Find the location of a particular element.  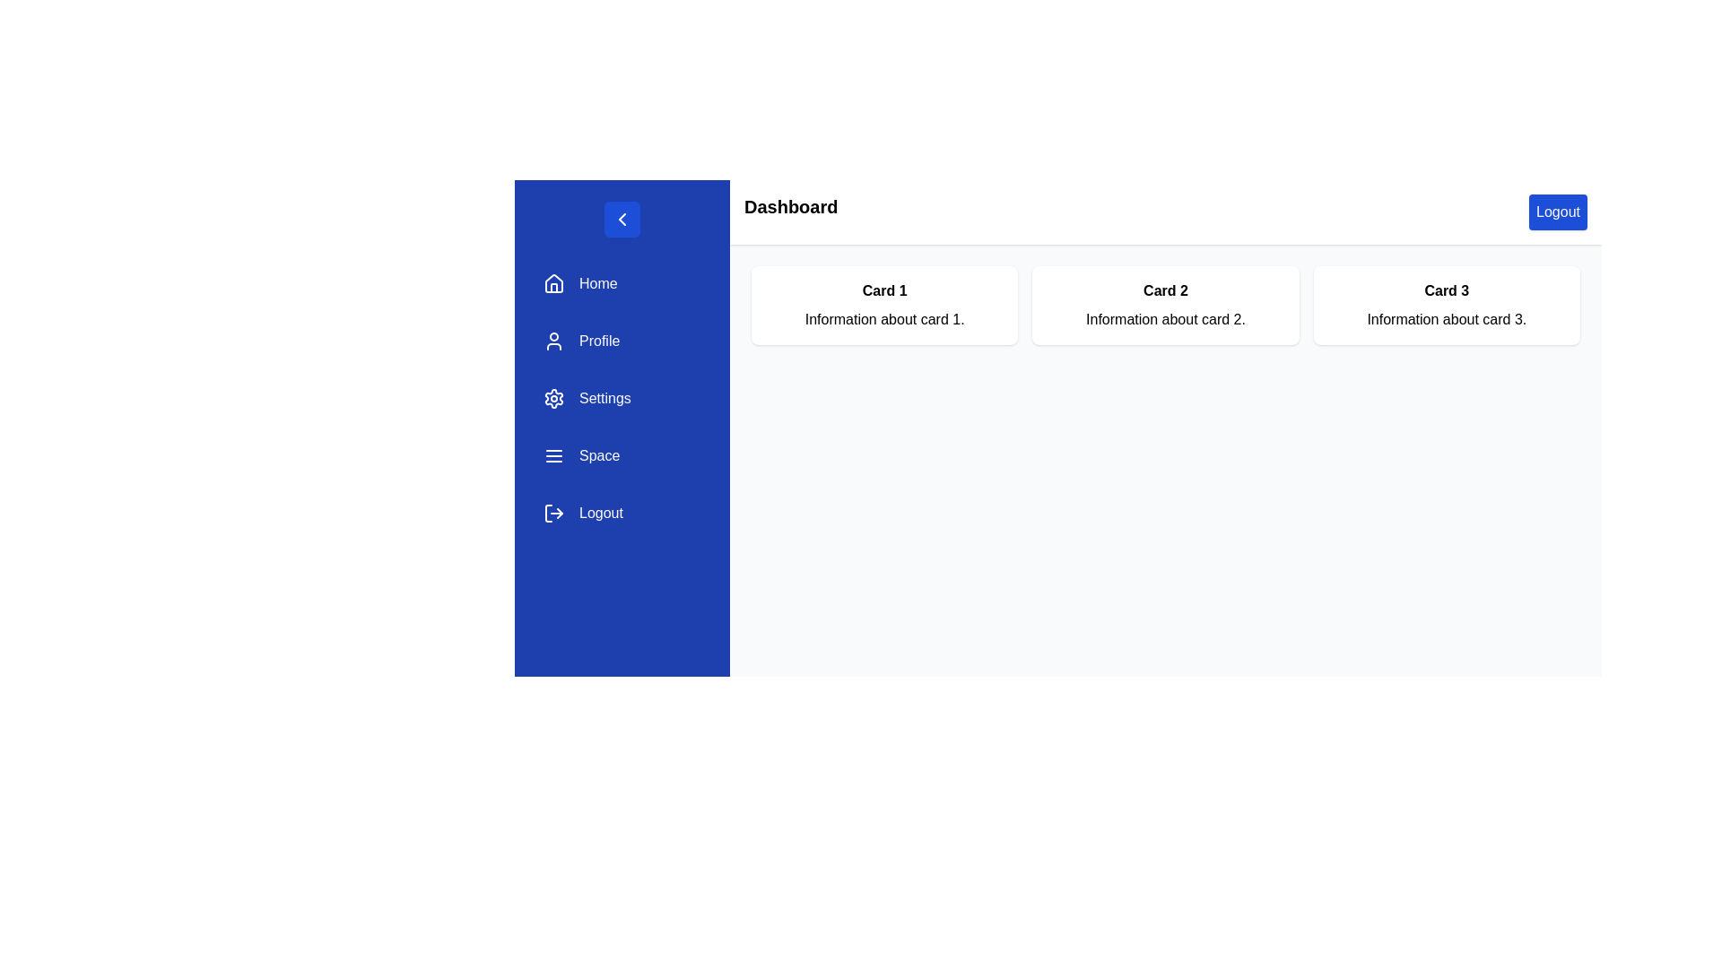

the blue circular button containing the rightward-pointing arrow icon at the top-left corner of the menu bar is located at coordinates (622, 219).